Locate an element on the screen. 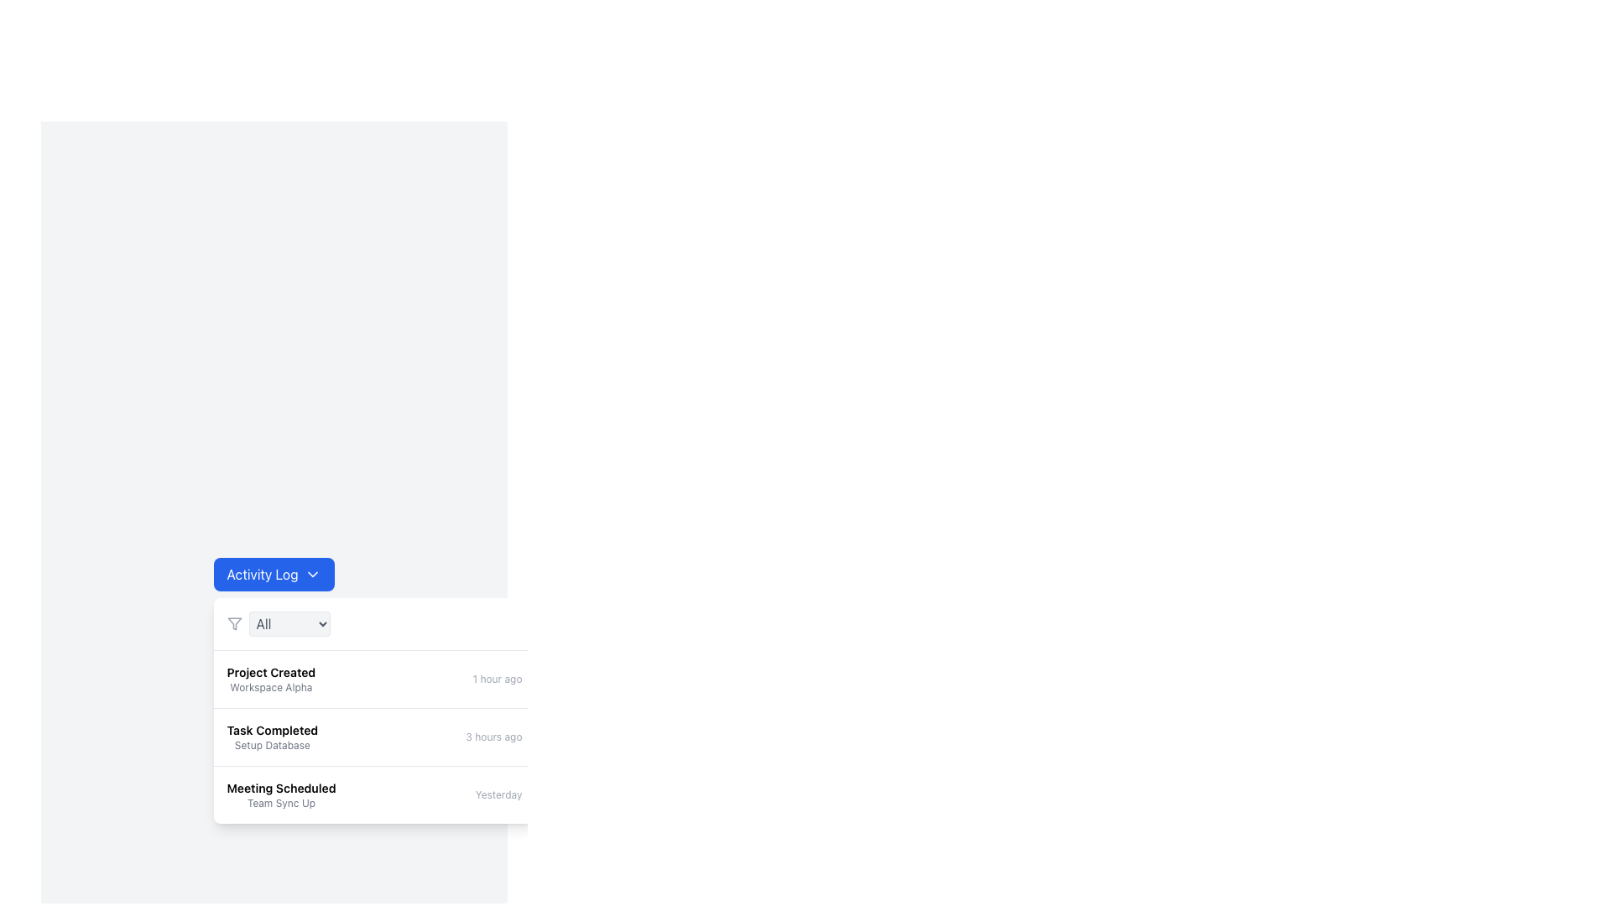  text from the Timestamp label located on the far right side of the first entry in the activity log dropdown, aligned with 'Project Created' is located at coordinates (496, 679).